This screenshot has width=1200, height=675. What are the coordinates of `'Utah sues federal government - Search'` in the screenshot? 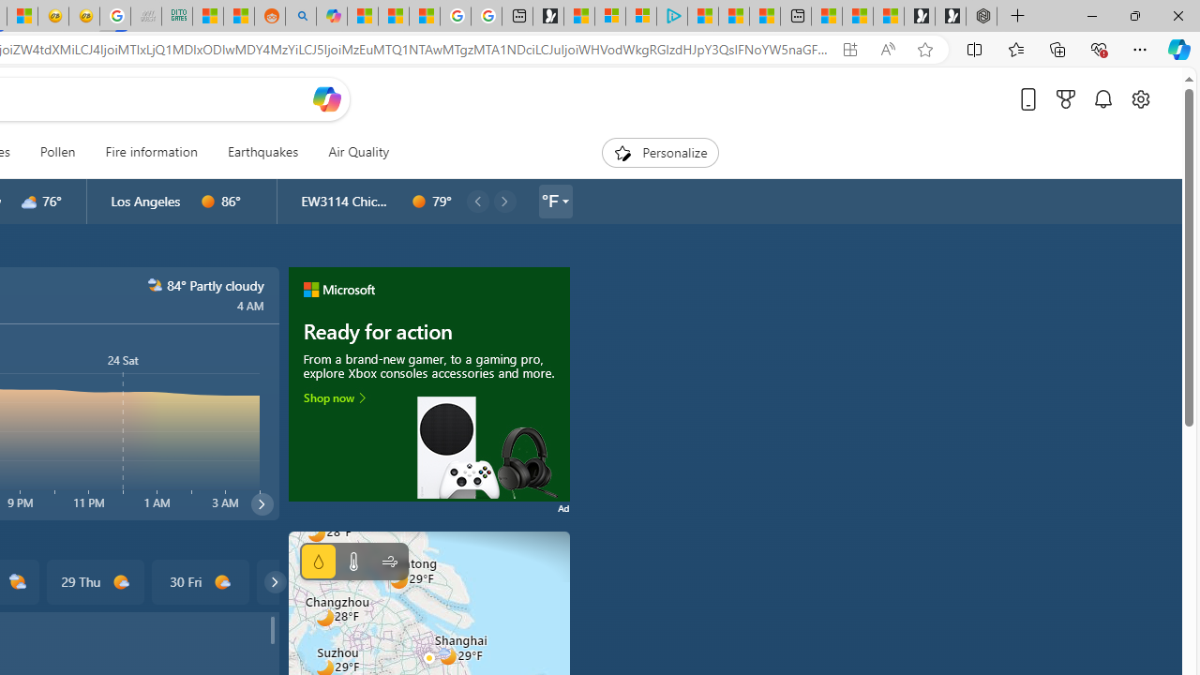 It's located at (300, 16).